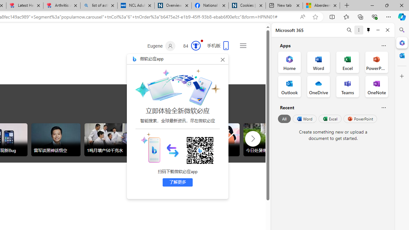 This screenshot has height=230, width=409. I want to click on 'Unpin side pane', so click(368, 30).